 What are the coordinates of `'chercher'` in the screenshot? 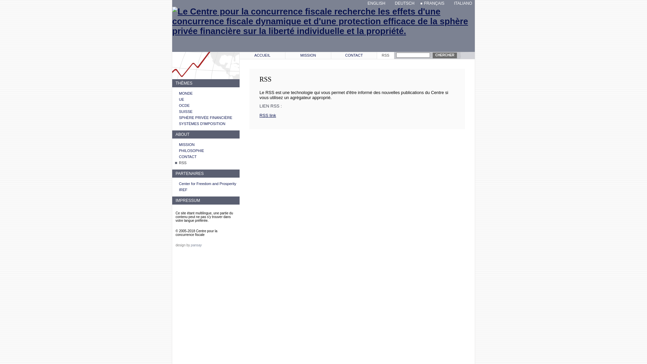 It's located at (445, 55).